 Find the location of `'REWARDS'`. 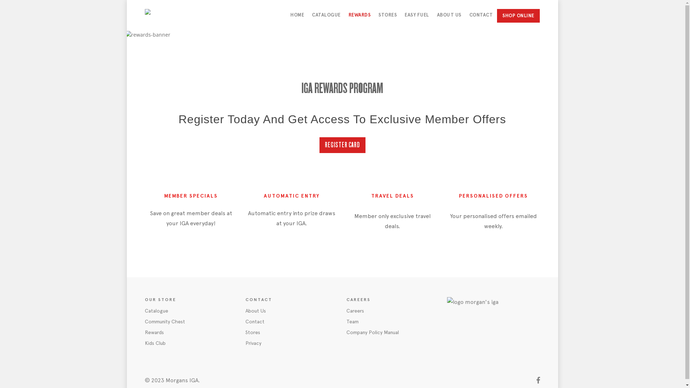

'REWARDS' is located at coordinates (345, 19).